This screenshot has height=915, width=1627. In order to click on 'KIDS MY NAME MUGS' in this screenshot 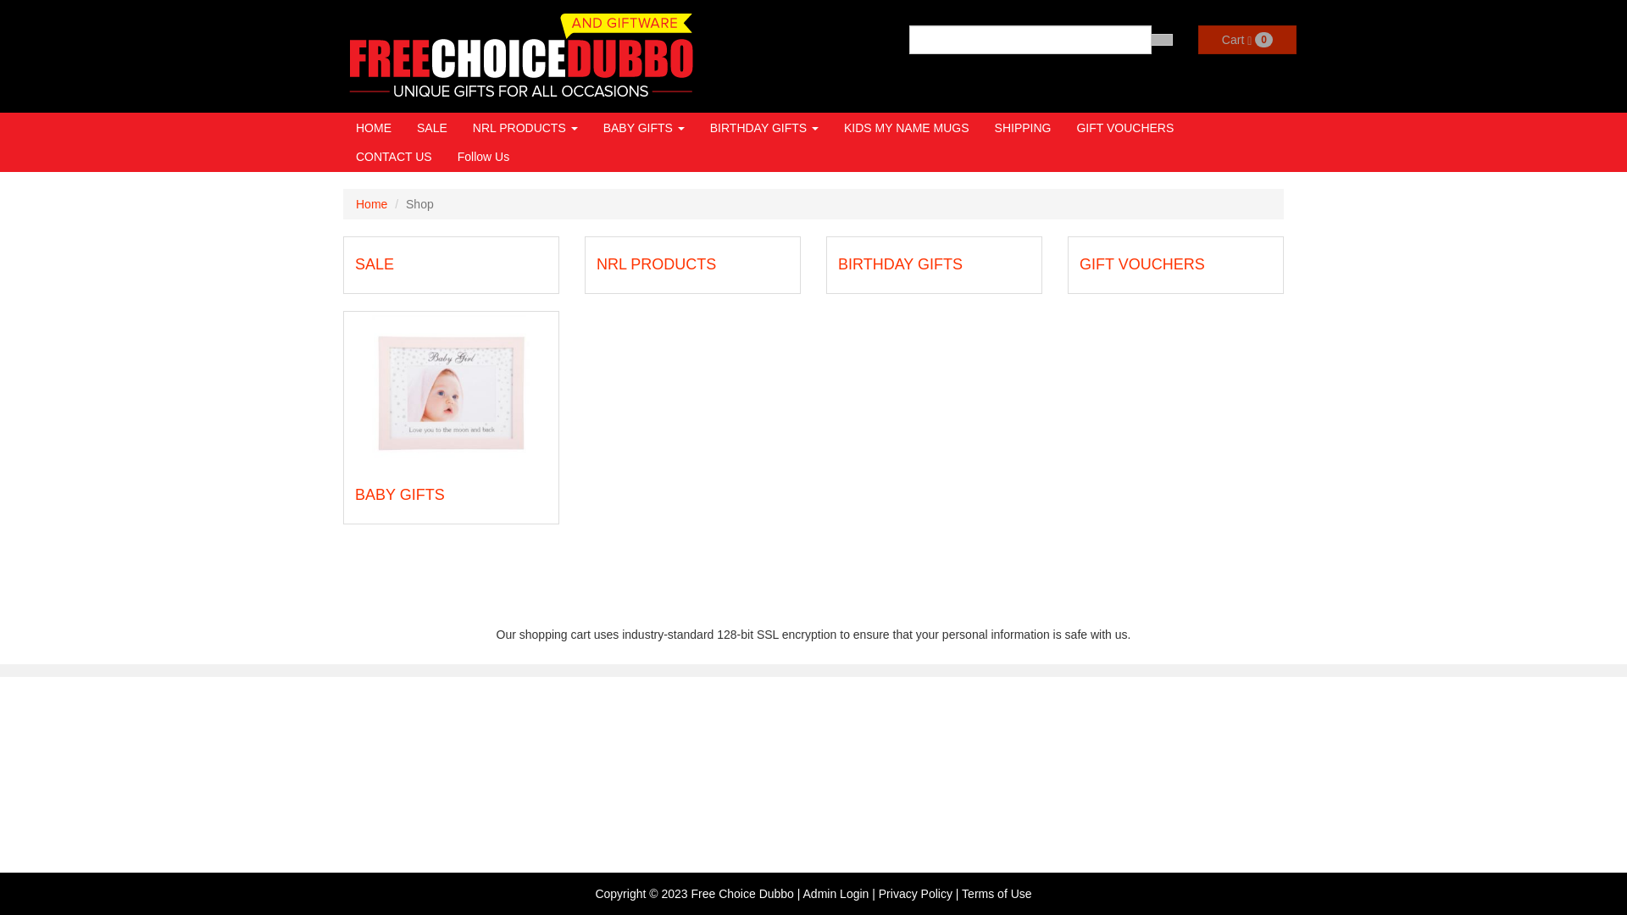, I will do `click(906, 126)`.